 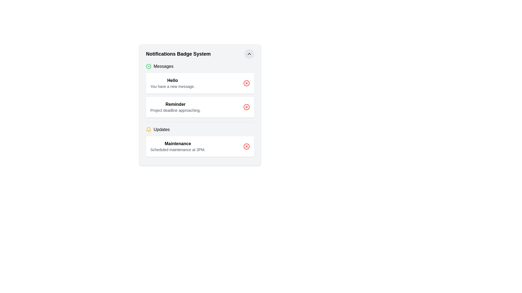 I want to click on informational text displayed in the middle section of the card within the 'Messages' category of the Notification Badge System interface, so click(x=172, y=83).